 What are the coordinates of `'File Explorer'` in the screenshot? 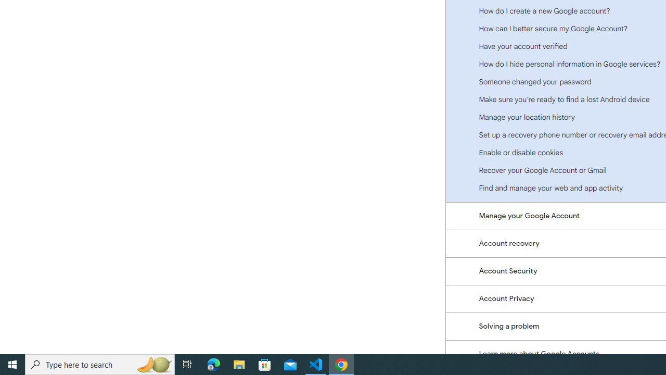 It's located at (239, 364).